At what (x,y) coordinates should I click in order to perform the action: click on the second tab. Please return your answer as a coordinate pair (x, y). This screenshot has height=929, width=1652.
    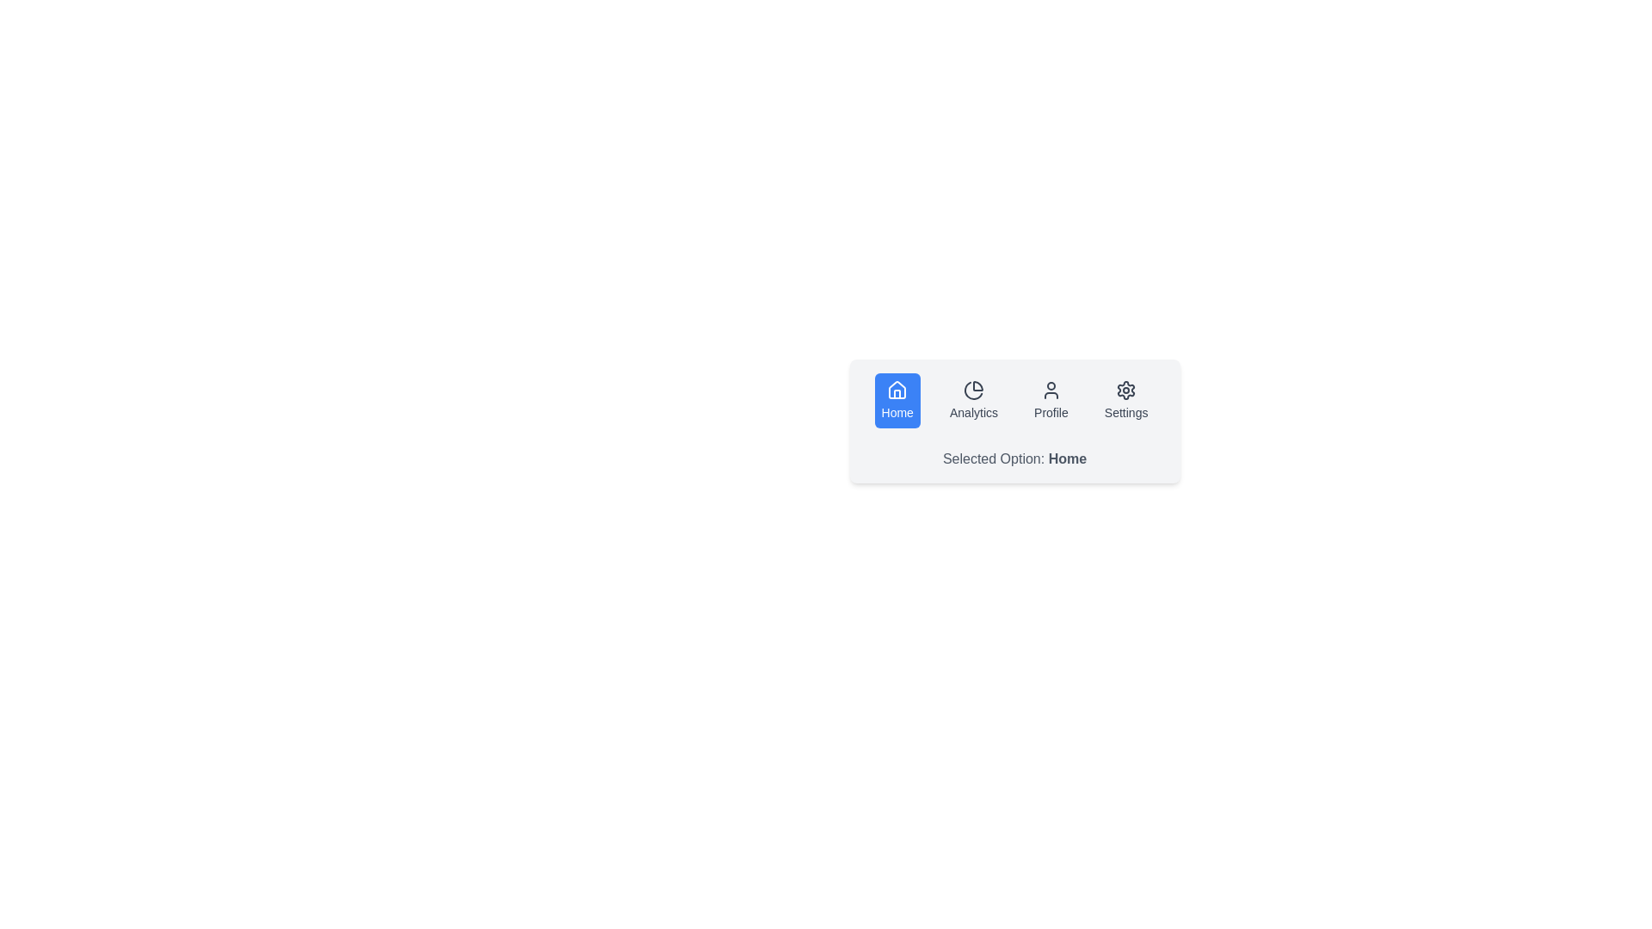
    Looking at the image, I should click on (974, 401).